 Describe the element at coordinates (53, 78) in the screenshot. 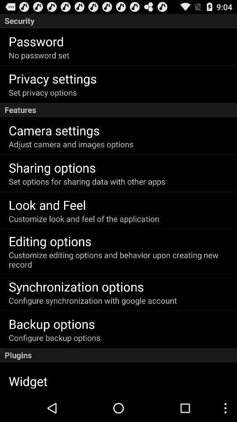

I see `the item below no password set app` at that location.